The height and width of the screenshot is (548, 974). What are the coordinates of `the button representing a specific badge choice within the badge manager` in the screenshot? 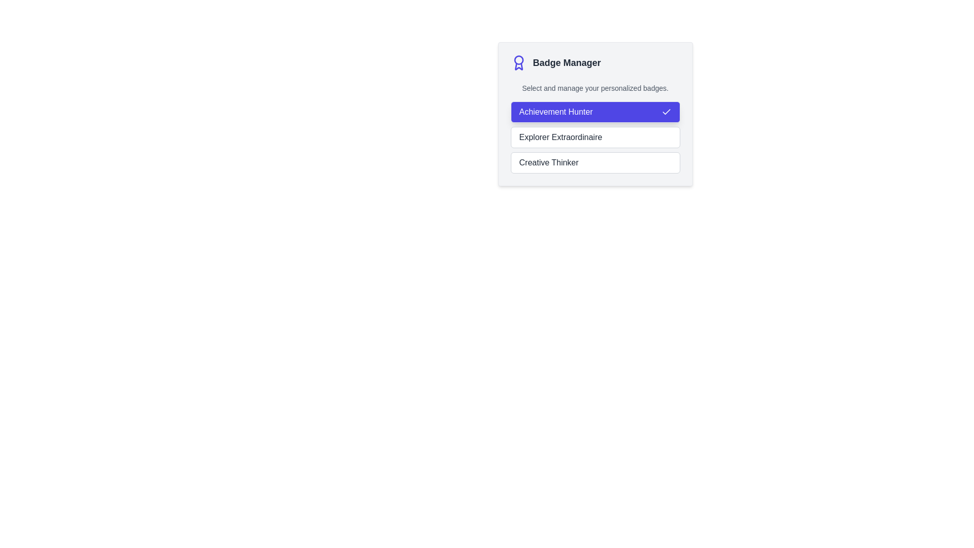 It's located at (595, 137).